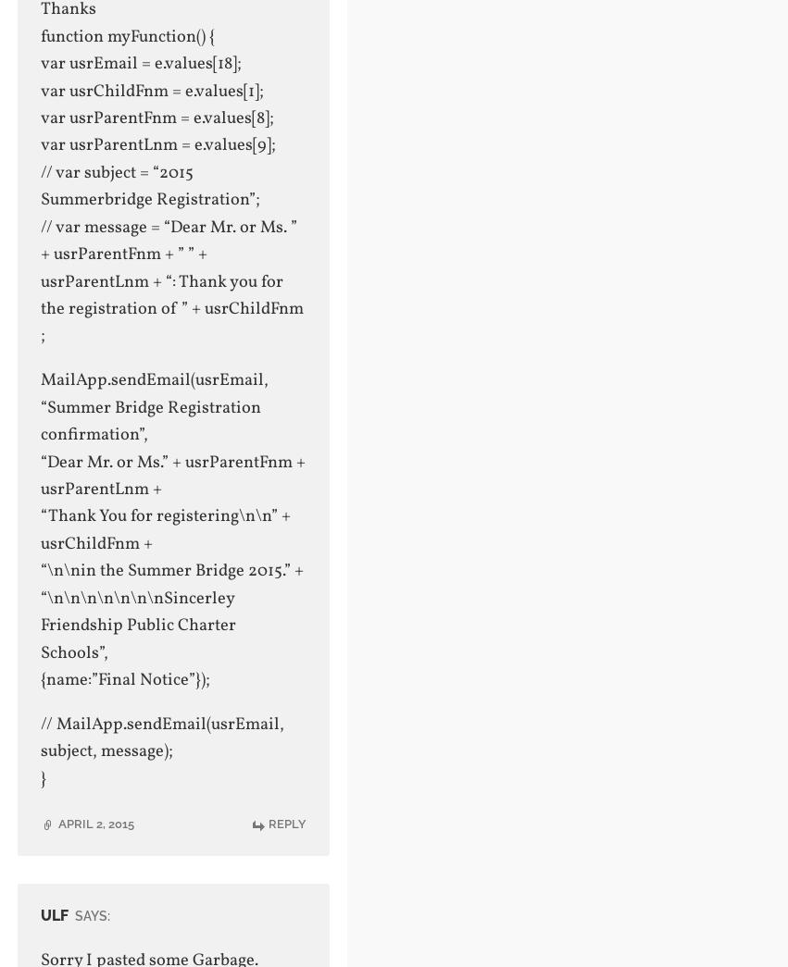  Describe the element at coordinates (286, 824) in the screenshot. I see `'Reply'` at that location.